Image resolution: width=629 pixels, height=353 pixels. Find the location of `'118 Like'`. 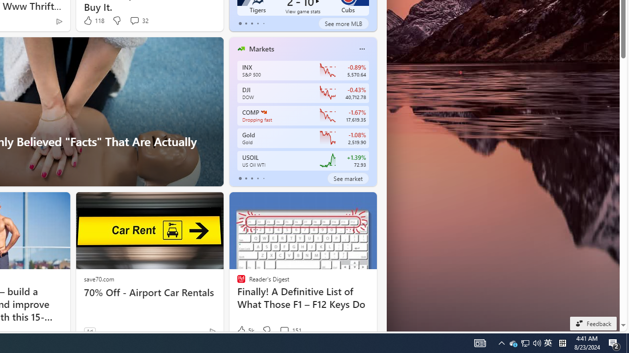

'118 Like' is located at coordinates (93, 21).